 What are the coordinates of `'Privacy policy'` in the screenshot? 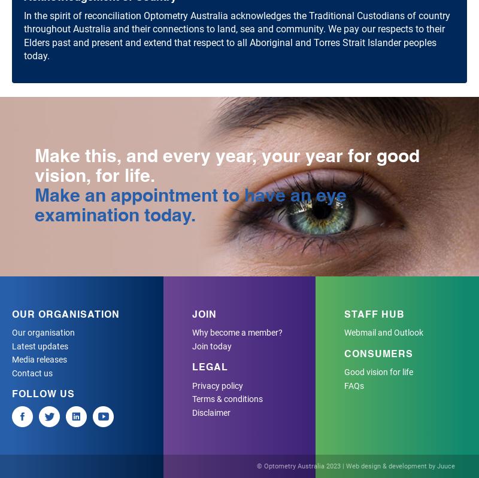 It's located at (217, 385).